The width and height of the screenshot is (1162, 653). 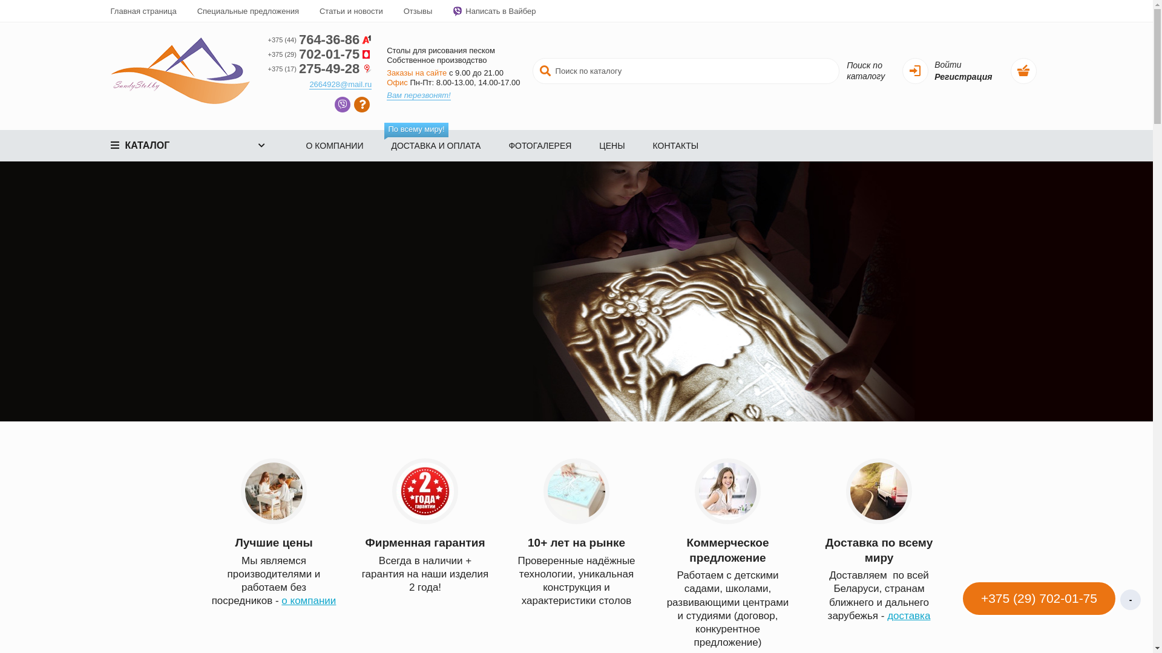 I want to click on '+375 (44), so click(x=320, y=39).